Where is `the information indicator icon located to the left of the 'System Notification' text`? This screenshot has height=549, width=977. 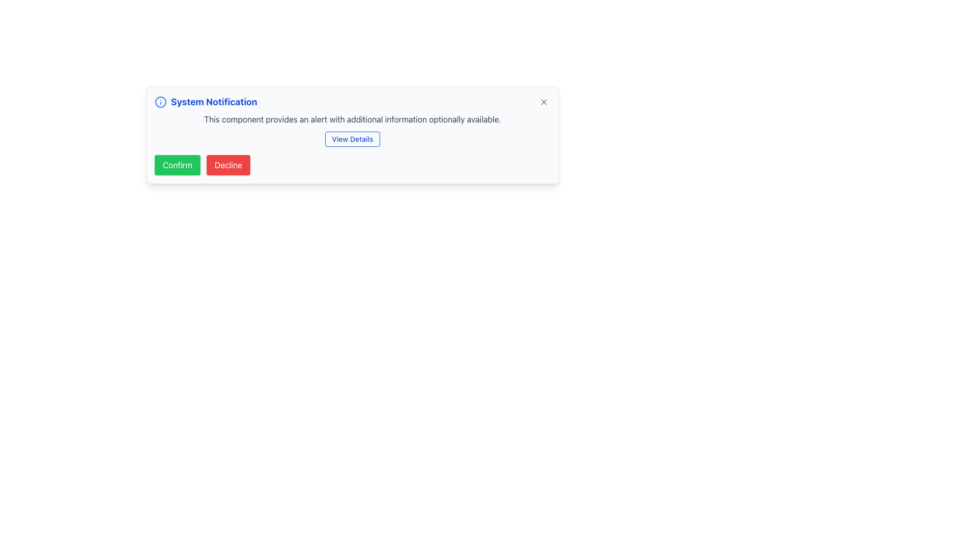
the information indicator icon located to the left of the 'System Notification' text is located at coordinates (160, 102).